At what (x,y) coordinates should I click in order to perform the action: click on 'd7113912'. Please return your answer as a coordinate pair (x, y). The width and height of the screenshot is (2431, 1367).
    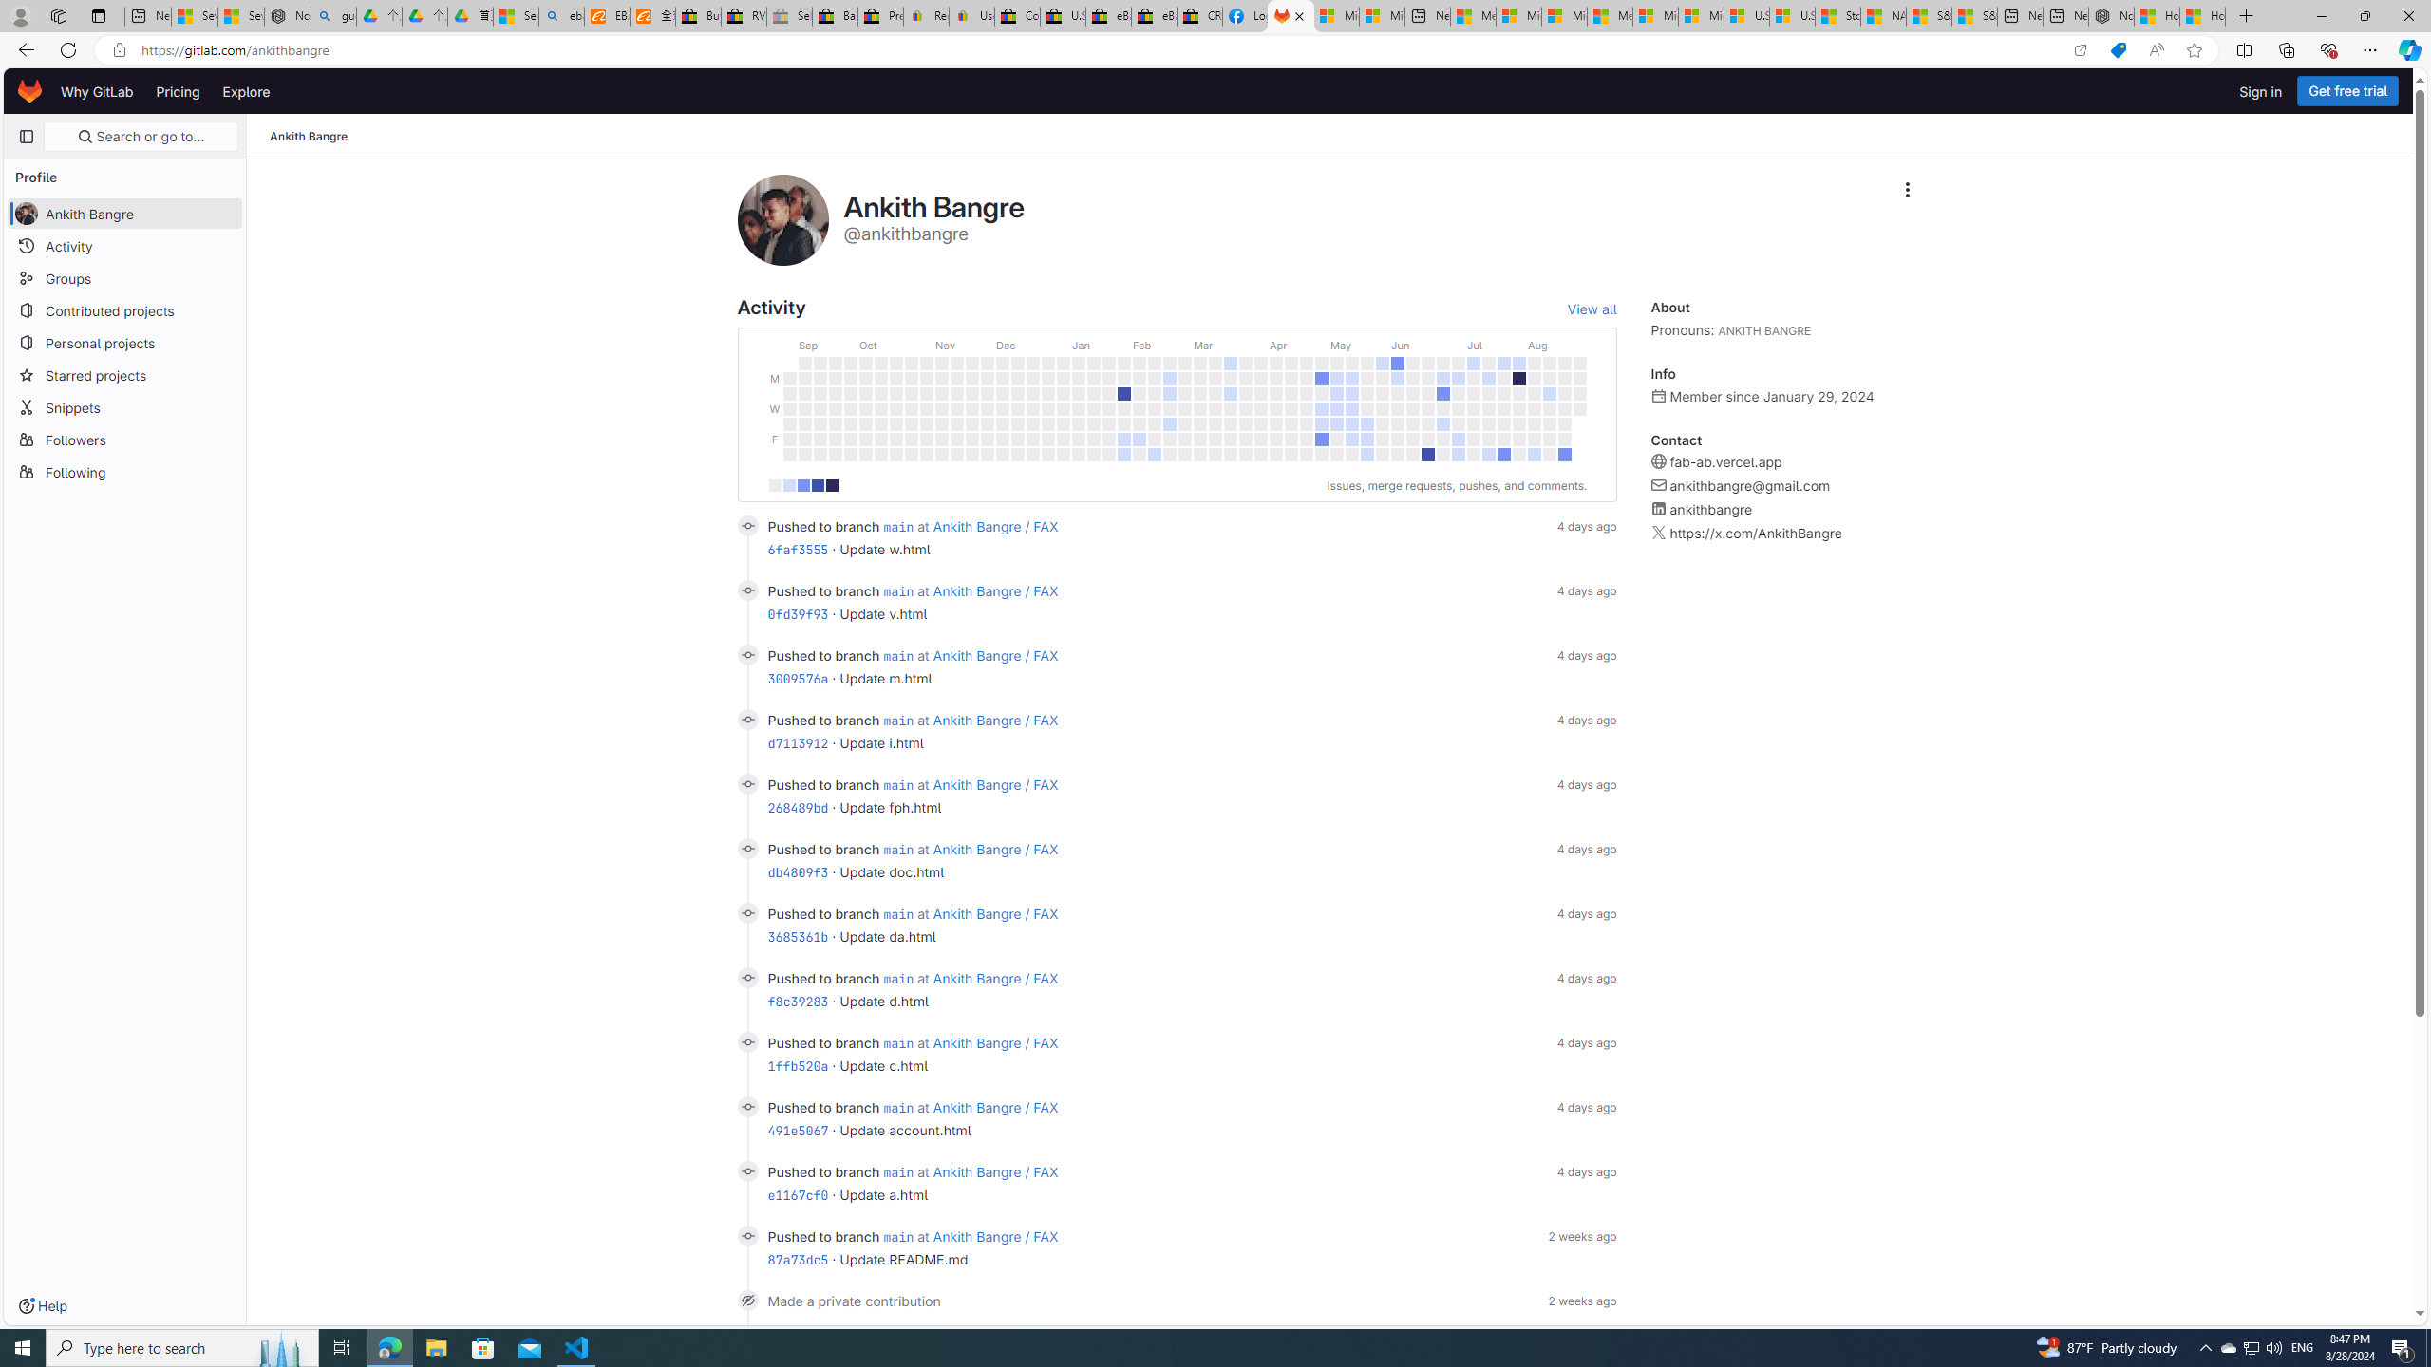
    Looking at the image, I should click on (797, 742).